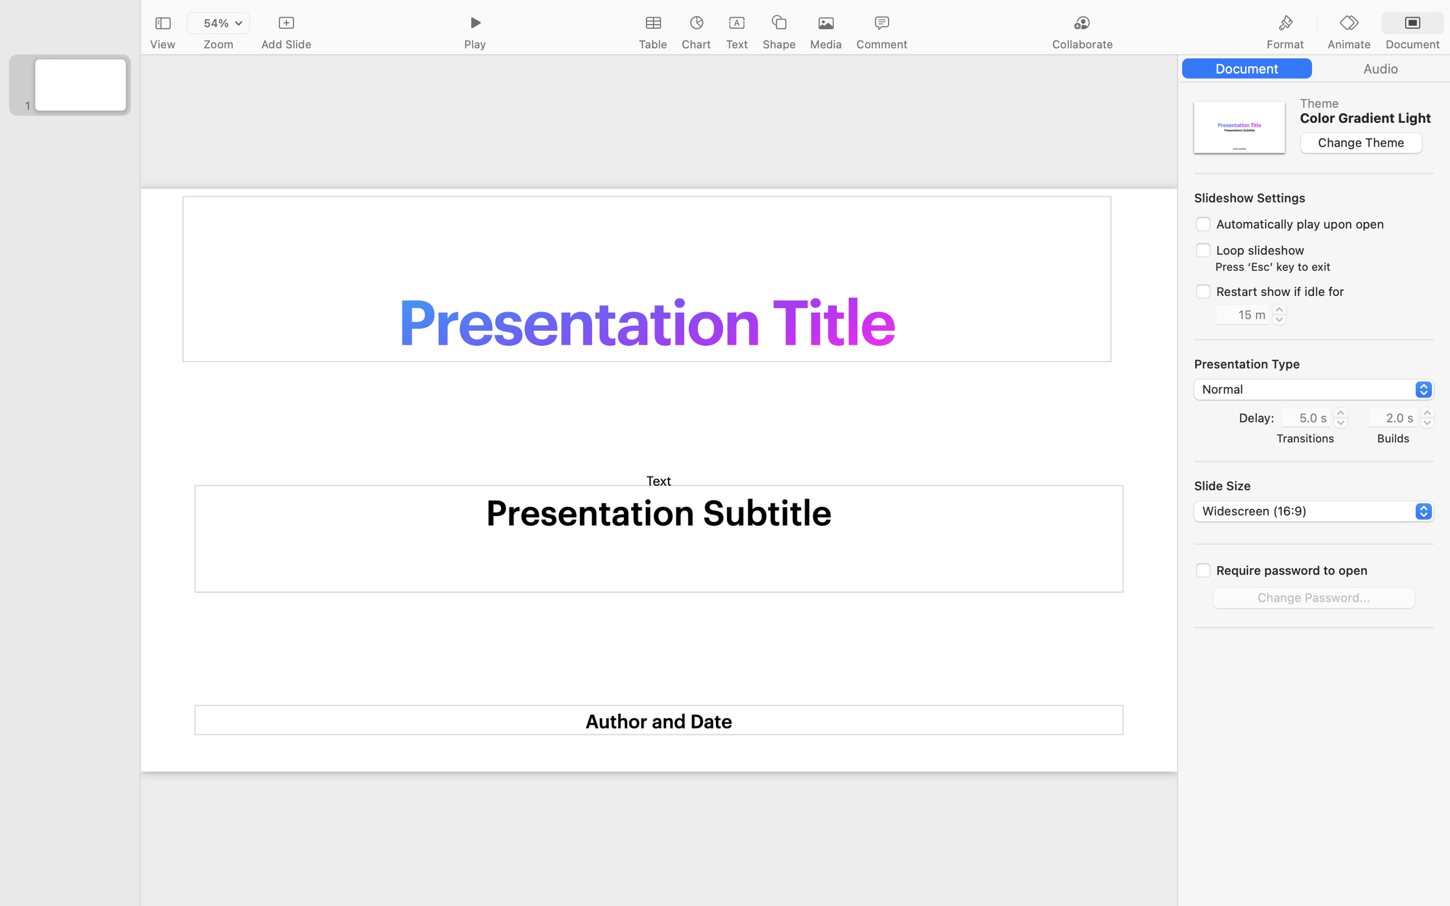  What do you see at coordinates (1427, 417) in the screenshot?
I see `'2.0'` at bounding box center [1427, 417].